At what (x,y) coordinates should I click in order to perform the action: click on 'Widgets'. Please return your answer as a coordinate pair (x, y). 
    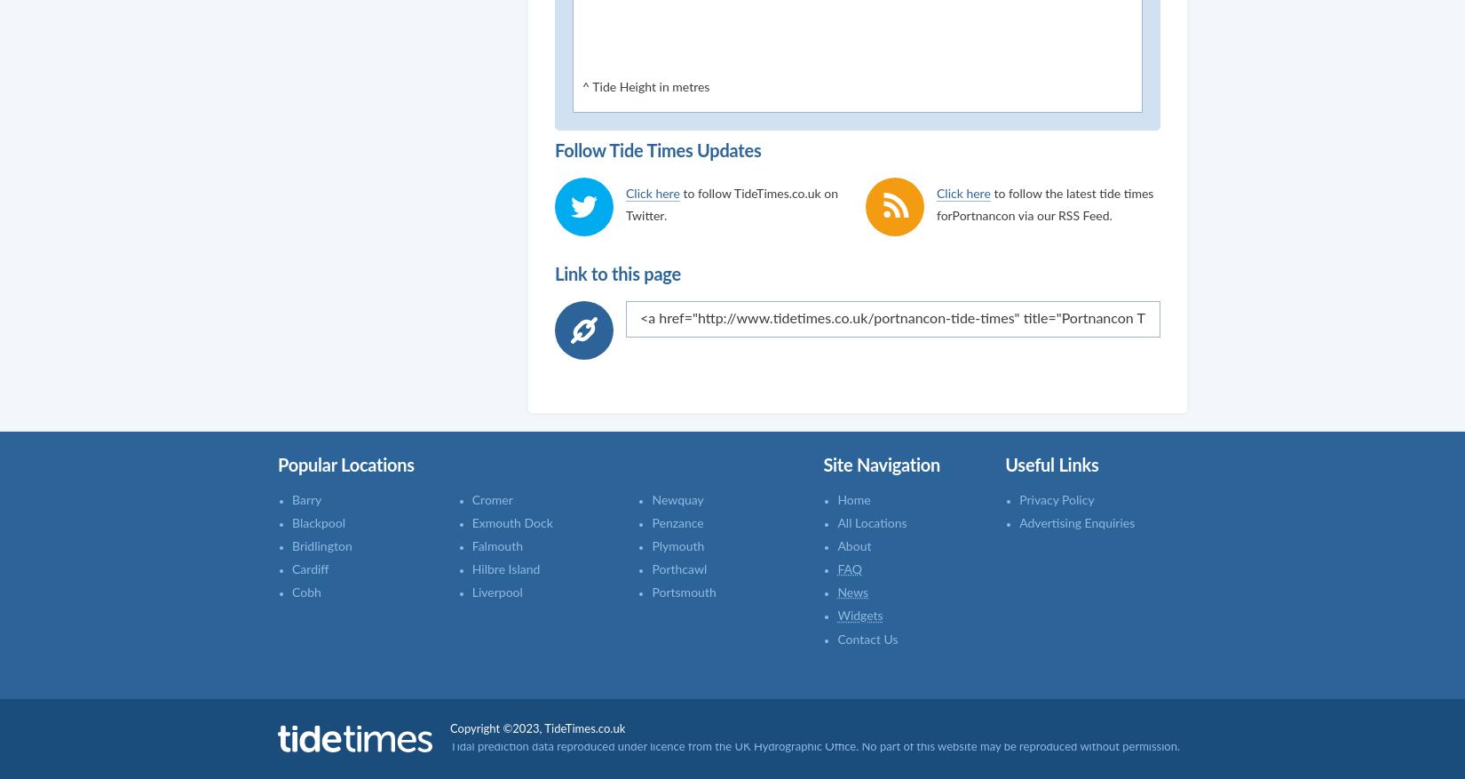
    Looking at the image, I should click on (836, 615).